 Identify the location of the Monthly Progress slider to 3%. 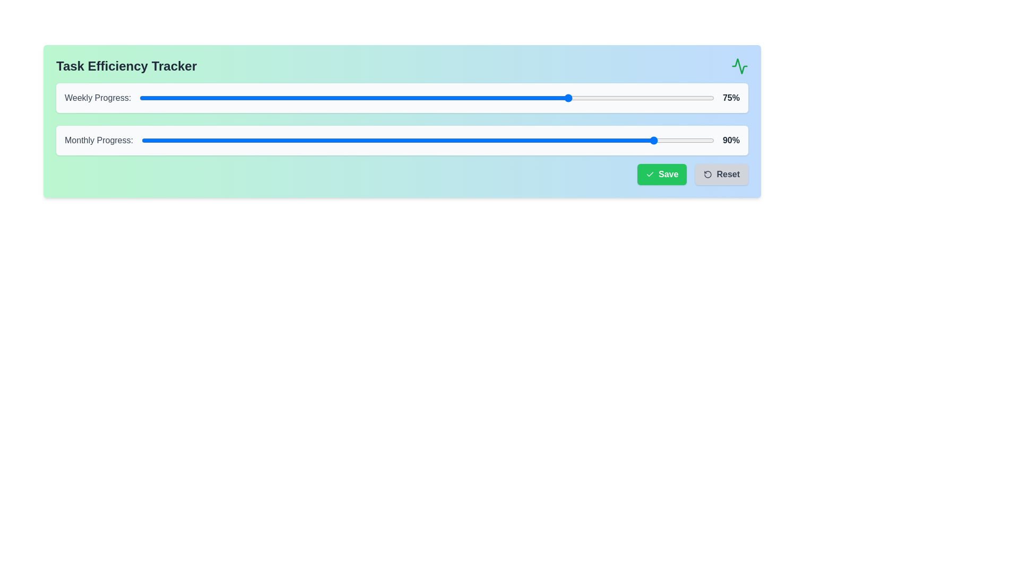
(158, 140).